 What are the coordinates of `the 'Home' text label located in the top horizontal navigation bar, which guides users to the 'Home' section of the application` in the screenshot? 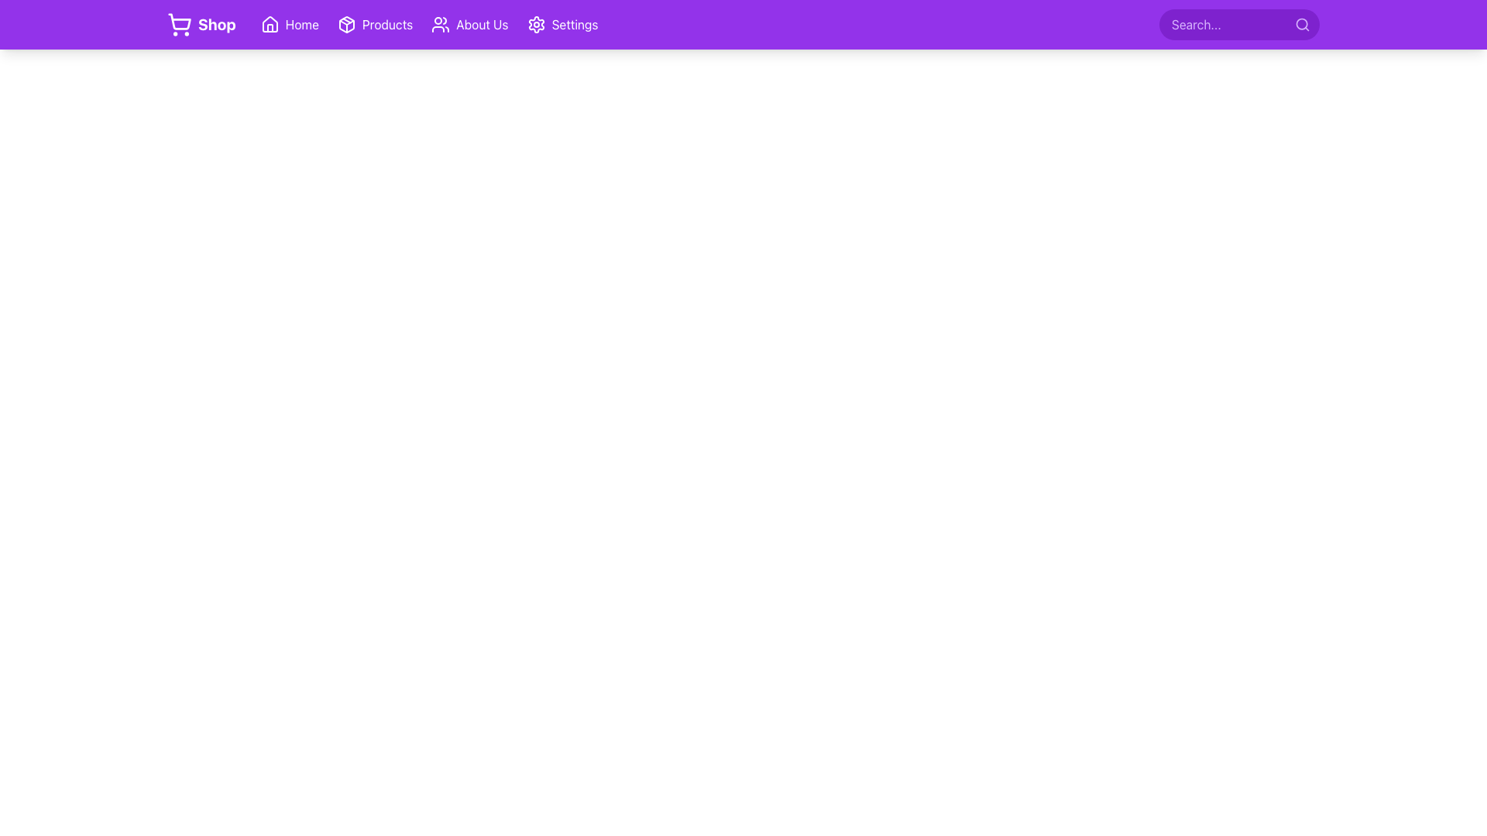 It's located at (302, 24).